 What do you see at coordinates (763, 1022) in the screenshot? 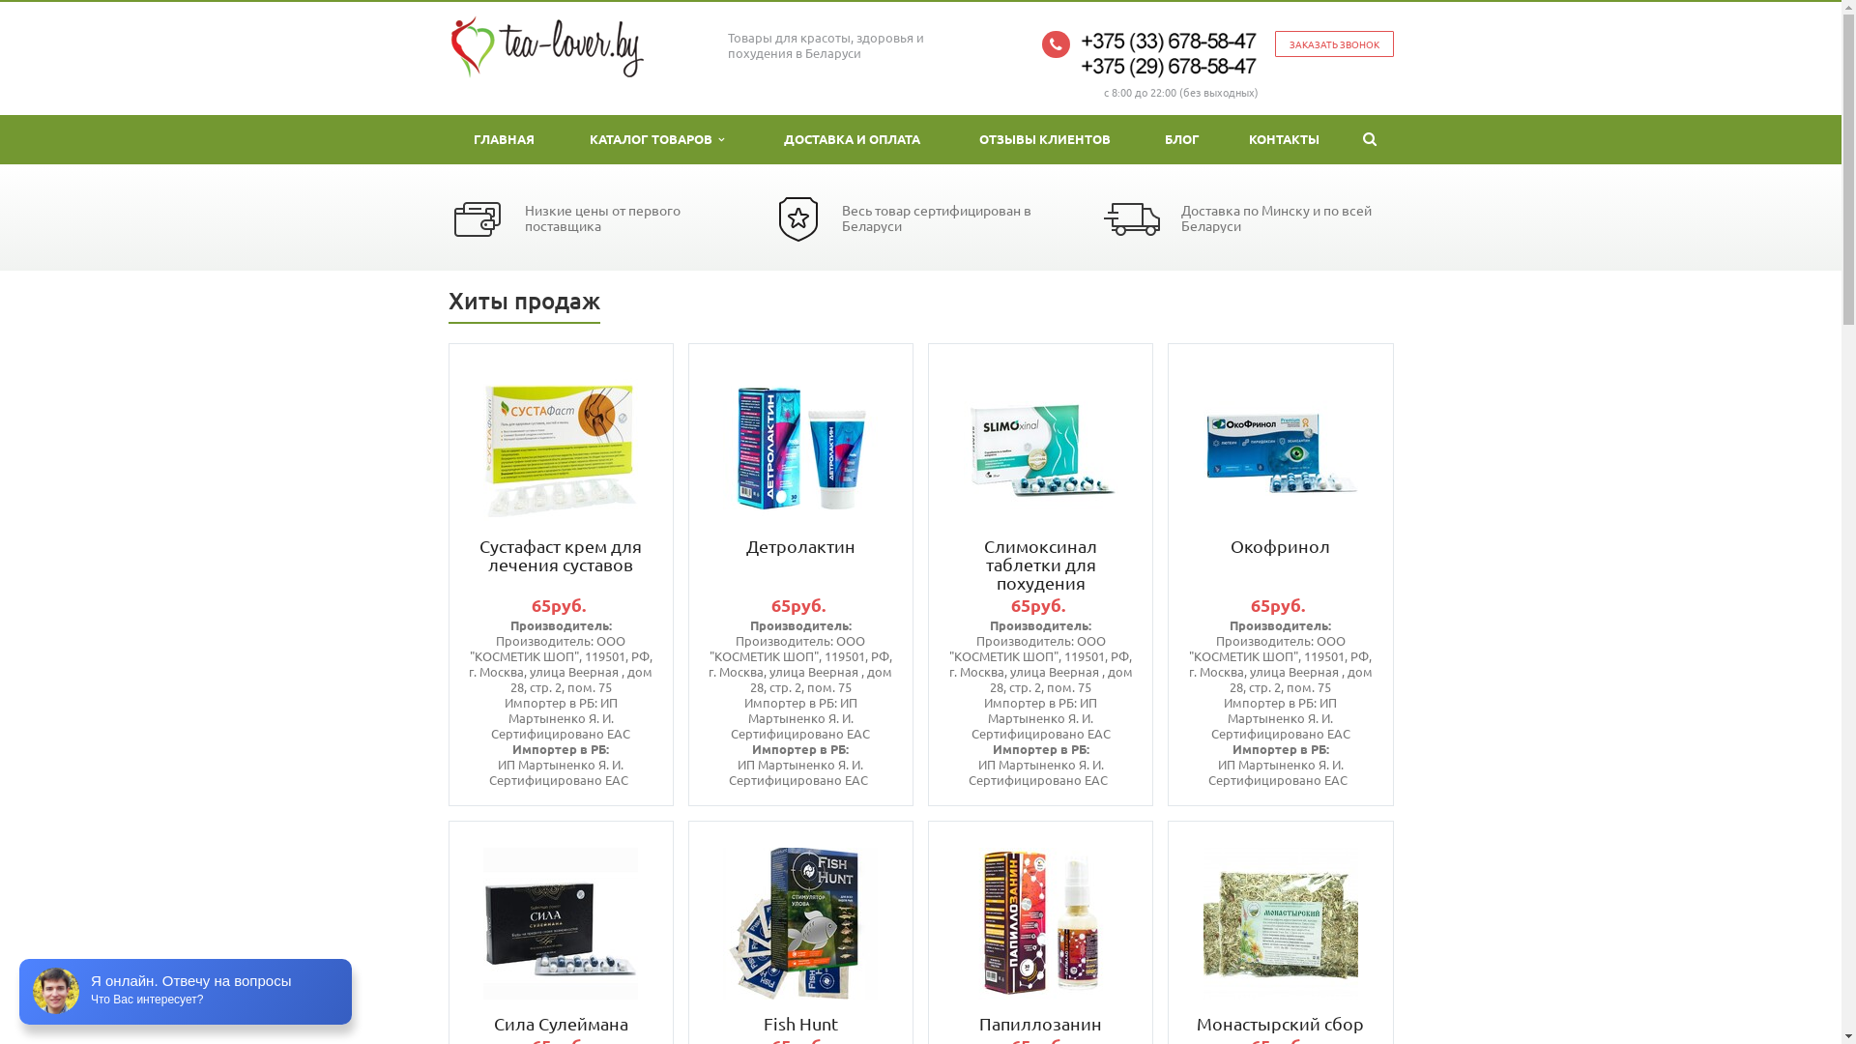
I see `'Fish Hunt'` at bounding box center [763, 1022].